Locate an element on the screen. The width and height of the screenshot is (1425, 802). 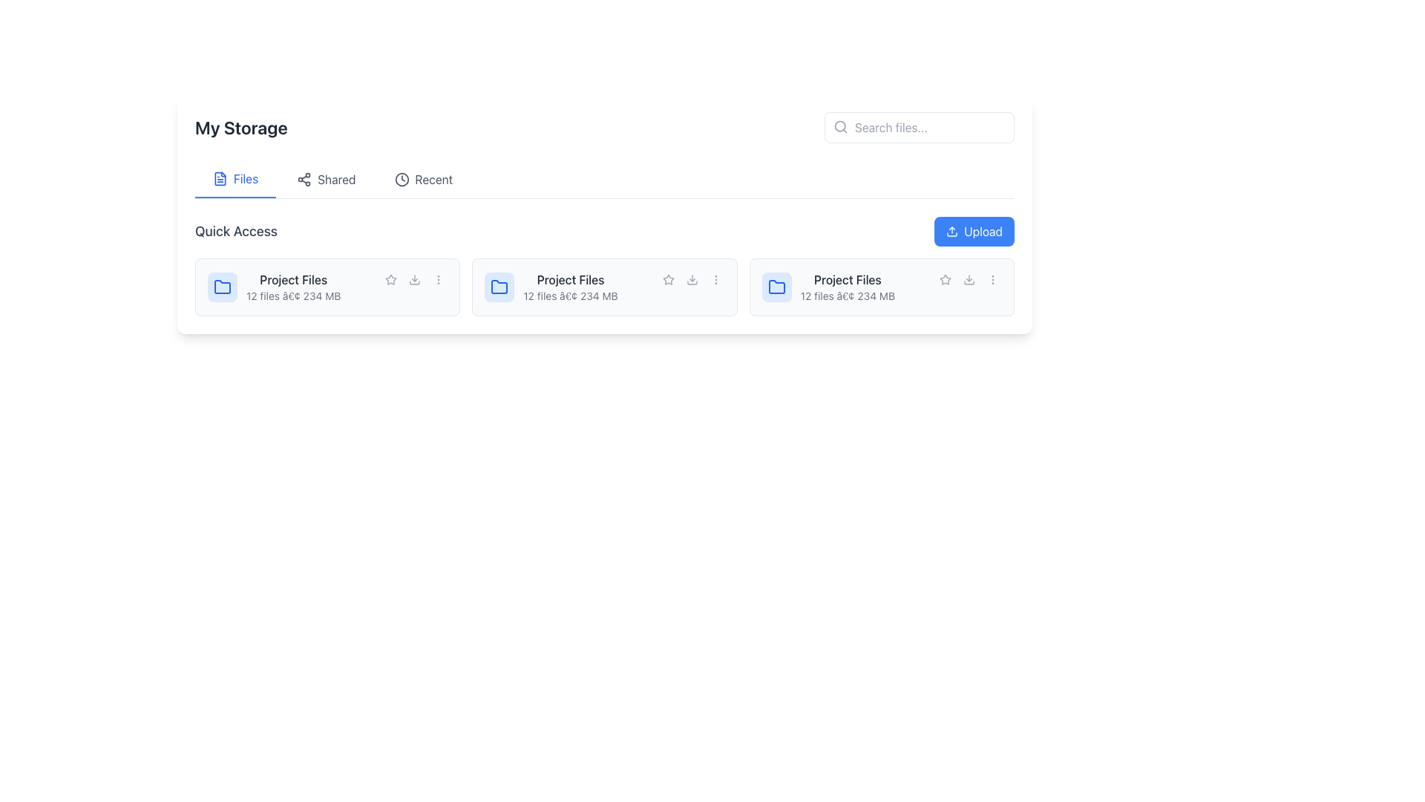
information presented in the text-based informational display located in the middle of three similar elements under the 'Quick Access' section, associated with the folder symbol to its left is located at coordinates (569, 287).